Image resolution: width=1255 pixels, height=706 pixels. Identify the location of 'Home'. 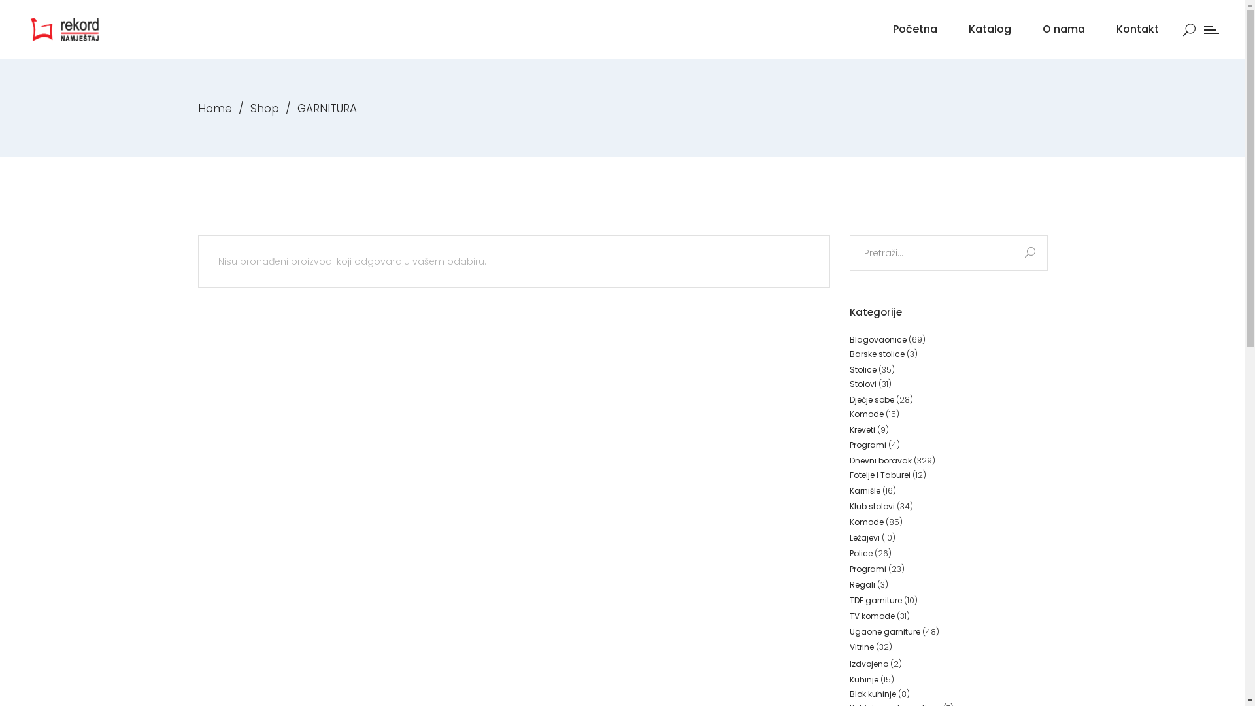
(214, 107).